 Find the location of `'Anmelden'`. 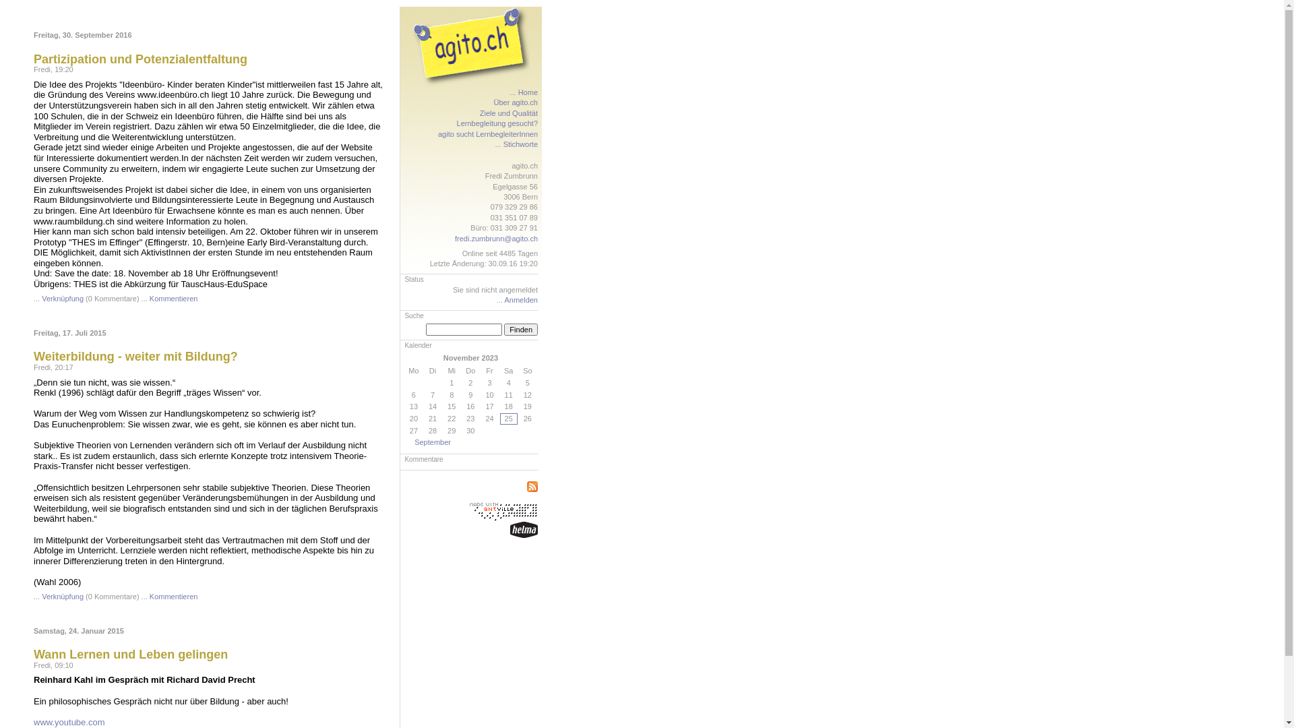

'Anmelden' is located at coordinates (503, 299).